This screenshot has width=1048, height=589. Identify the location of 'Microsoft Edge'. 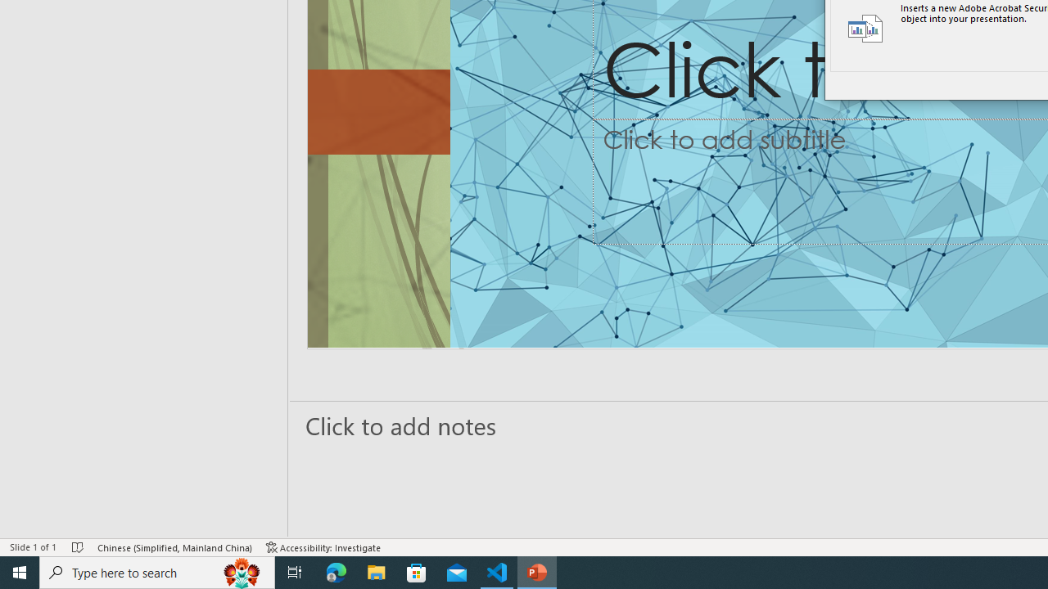
(336, 571).